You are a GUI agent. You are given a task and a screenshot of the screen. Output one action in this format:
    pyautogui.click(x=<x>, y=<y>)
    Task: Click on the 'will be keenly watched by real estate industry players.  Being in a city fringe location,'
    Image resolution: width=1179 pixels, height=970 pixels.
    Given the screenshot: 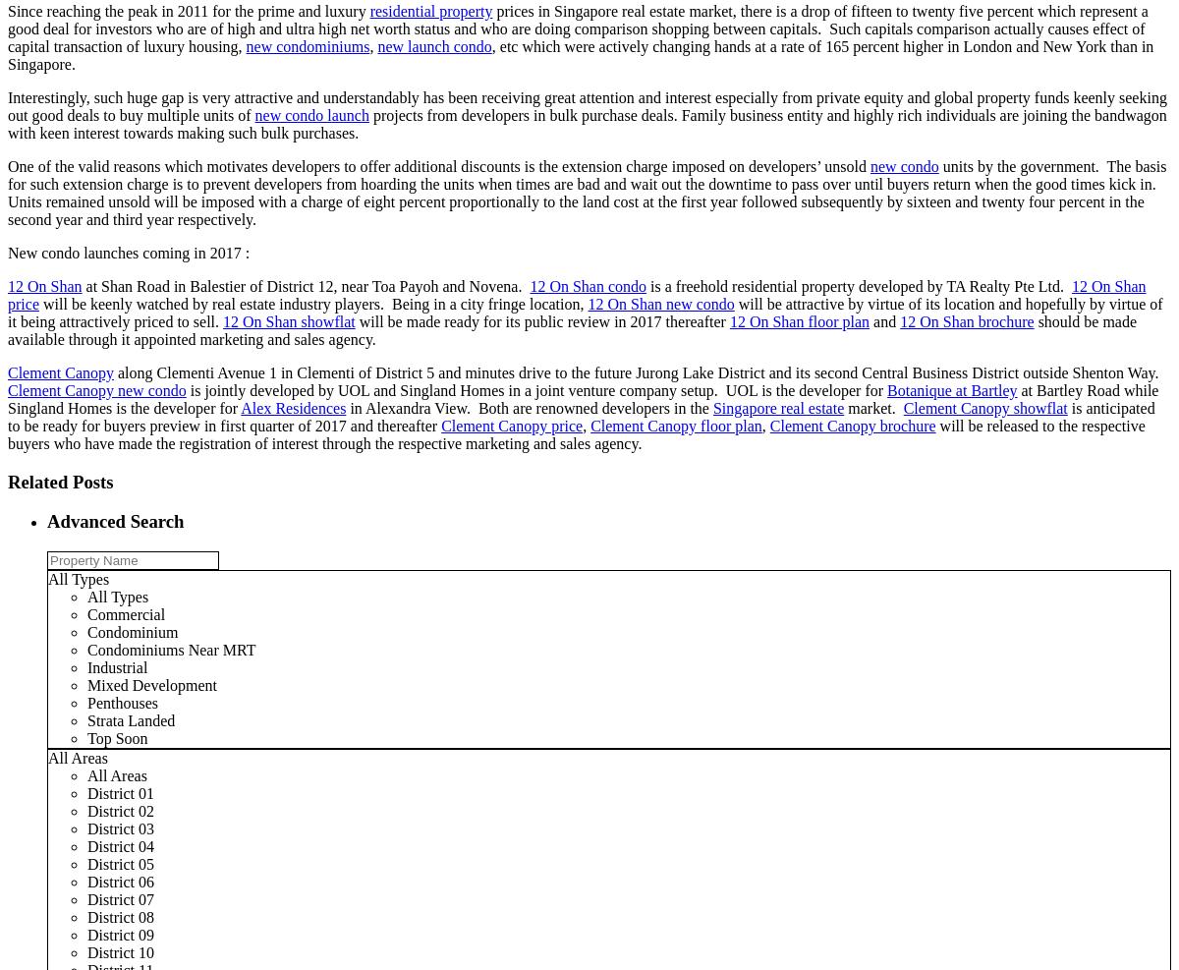 What is the action you would take?
    pyautogui.click(x=38, y=302)
    